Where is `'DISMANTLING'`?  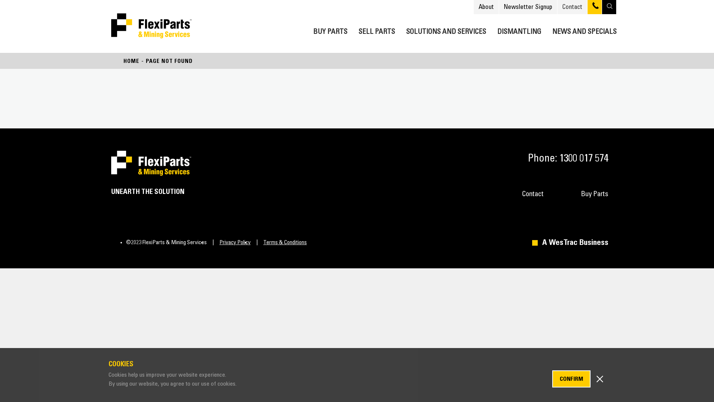 'DISMANTLING' is located at coordinates (497, 30).